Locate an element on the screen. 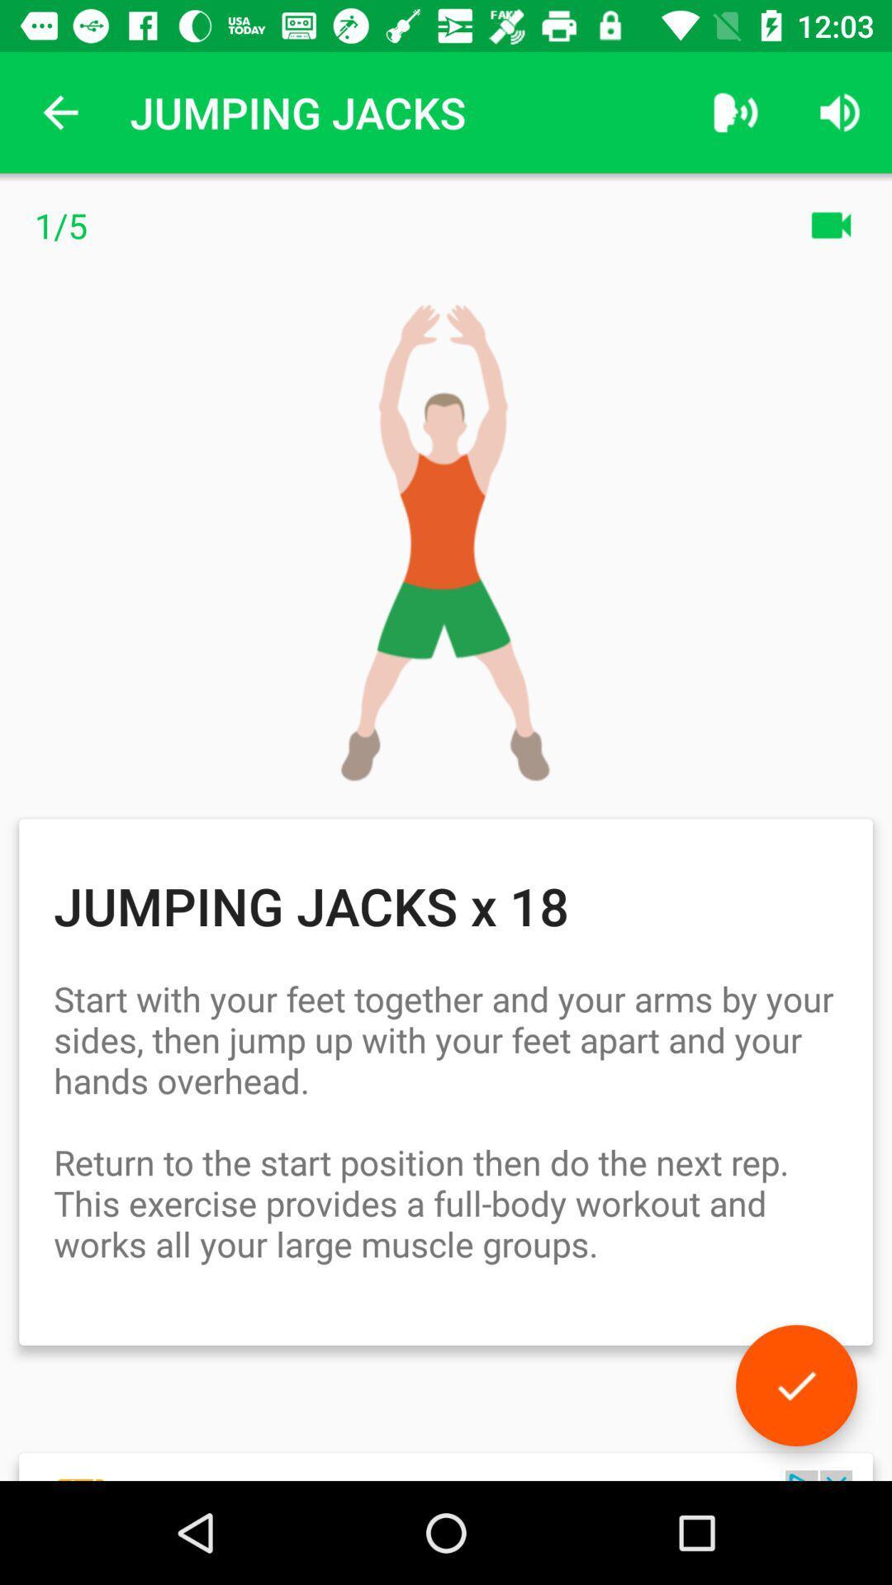  icon below the start with your icon is located at coordinates (795, 1385).